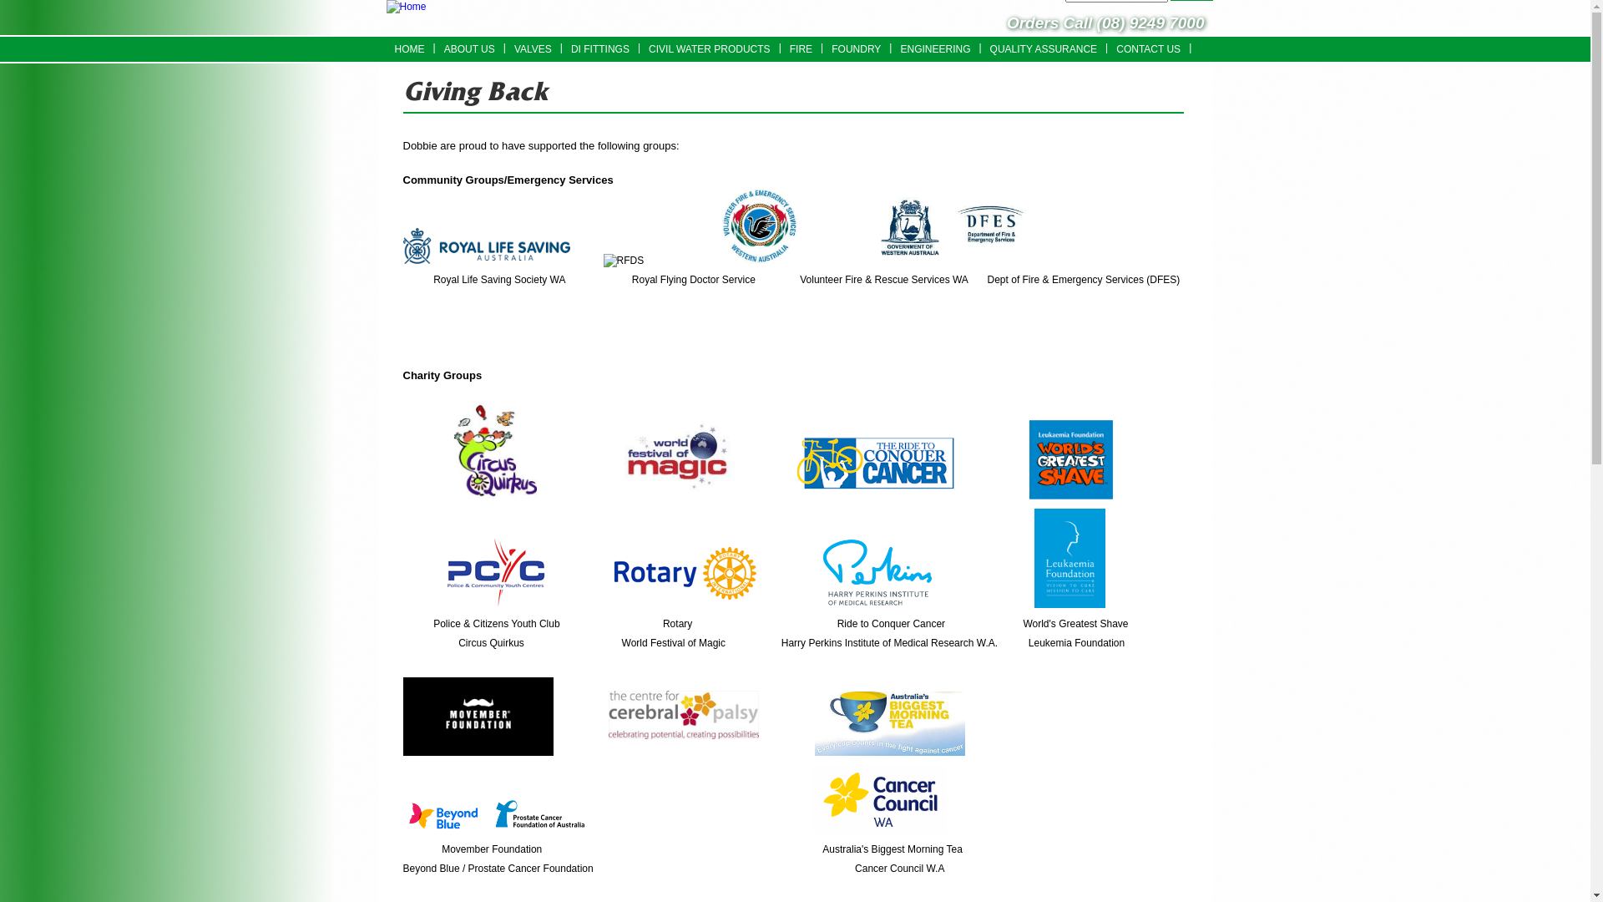 The image size is (1603, 902). What do you see at coordinates (402, 715) in the screenshot?
I see `'Movember'` at bounding box center [402, 715].